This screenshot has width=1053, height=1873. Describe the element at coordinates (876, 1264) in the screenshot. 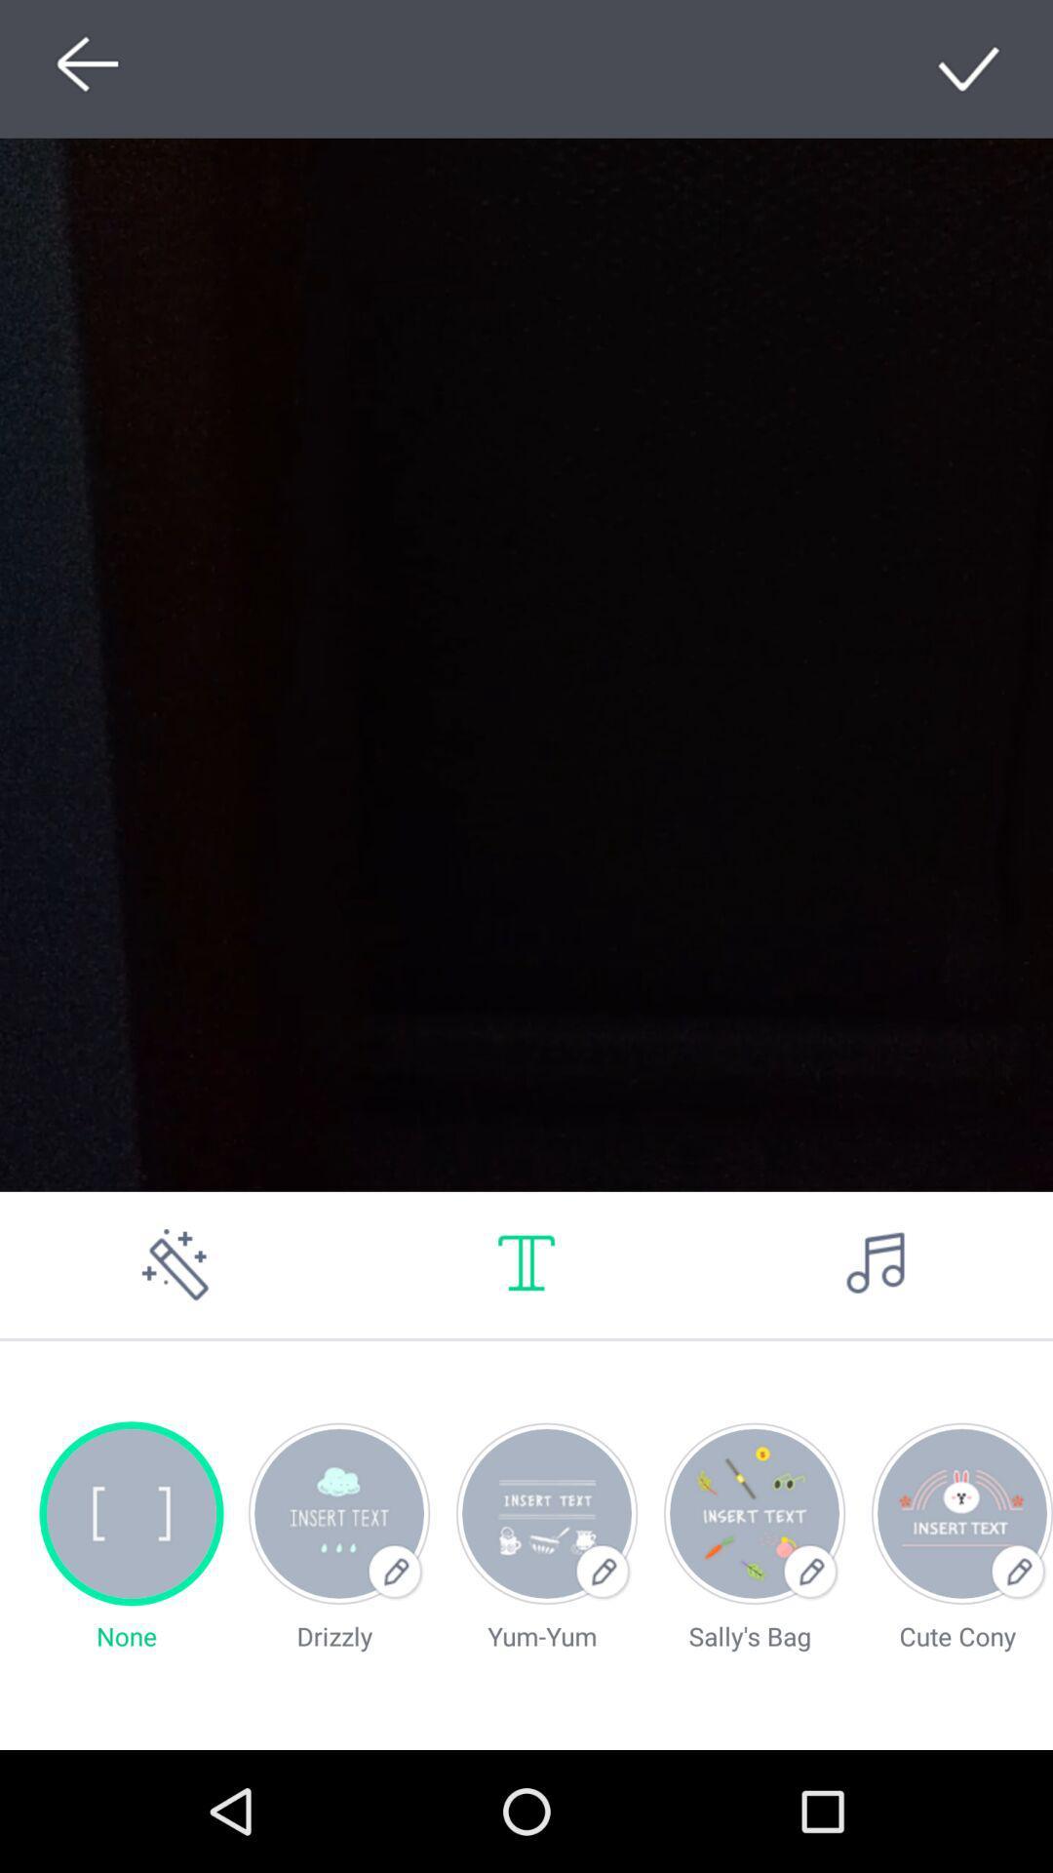

I see `sound or music` at that location.